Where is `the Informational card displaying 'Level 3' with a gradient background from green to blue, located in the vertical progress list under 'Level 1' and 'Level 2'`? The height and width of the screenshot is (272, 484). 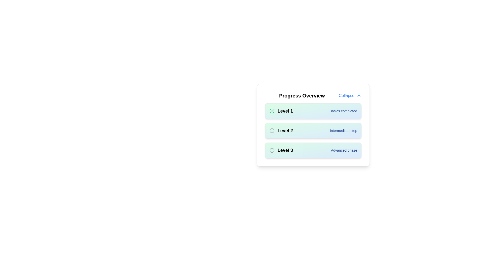 the Informational card displaying 'Level 3' with a gradient background from green to blue, located in the vertical progress list under 'Level 1' and 'Level 2' is located at coordinates (313, 150).